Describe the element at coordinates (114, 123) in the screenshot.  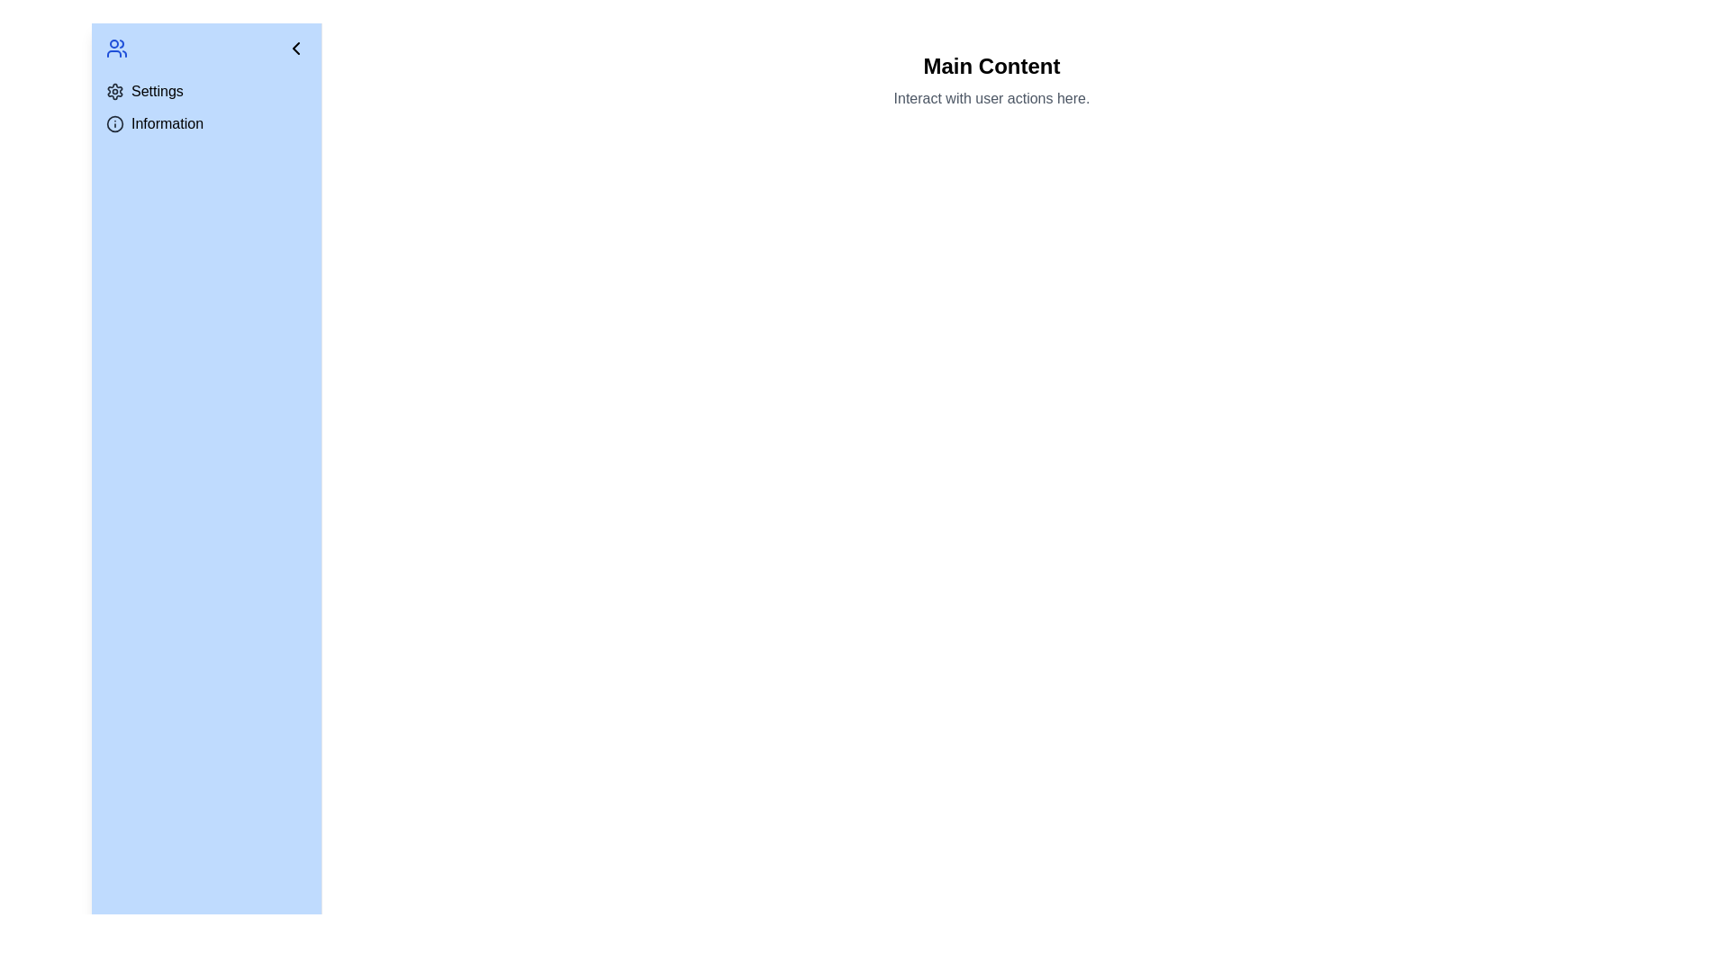
I see `the outer circular outline of the 'Information' icon located in the sidebar, which visually distinguishes this item and is positioned below the 'Settings' icon` at that location.